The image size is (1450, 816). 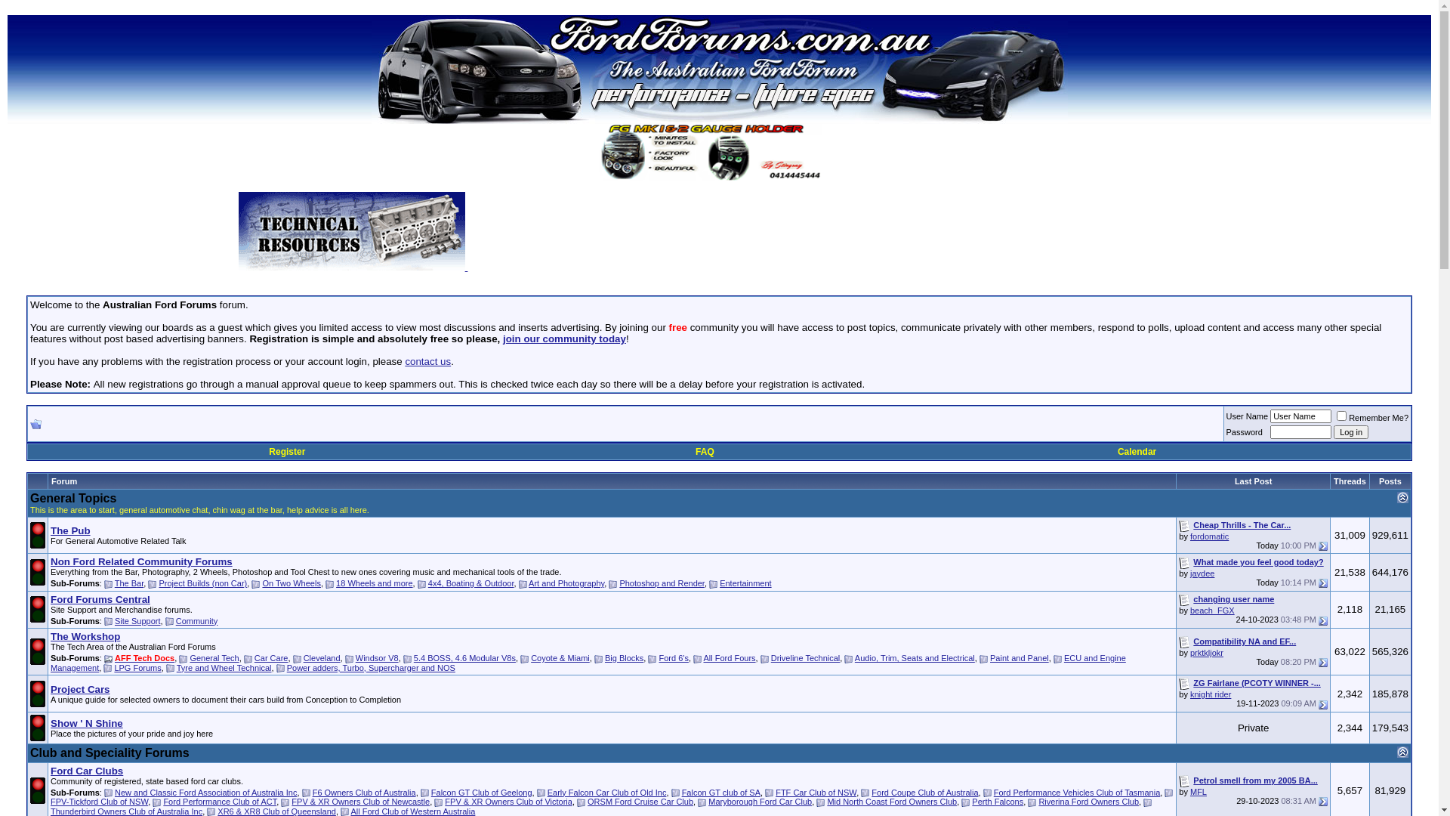 I want to click on 'fordomatic', so click(x=1189, y=535).